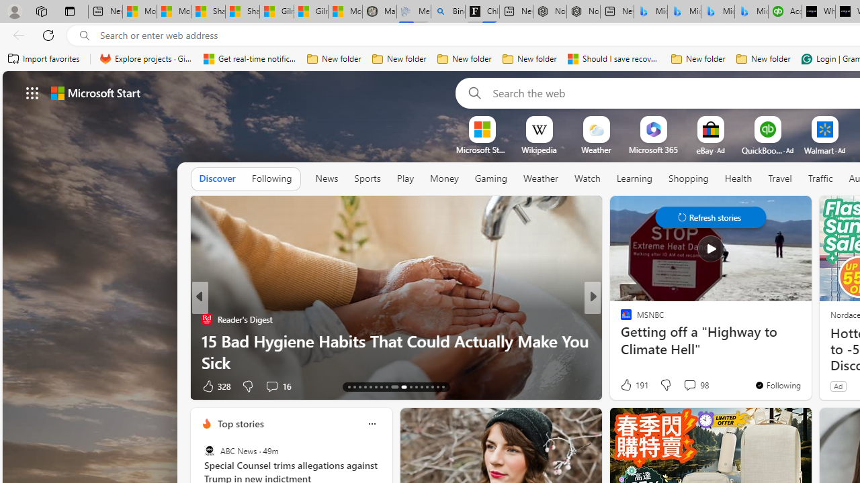 This screenshot has width=860, height=483. I want to click on 'Watch', so click(587, 178).